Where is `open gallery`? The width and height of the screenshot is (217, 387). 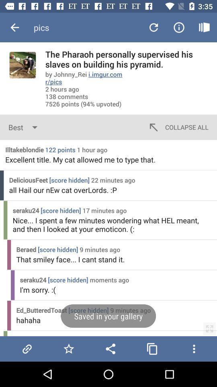
open gallery is located at coordinates (152, 348).